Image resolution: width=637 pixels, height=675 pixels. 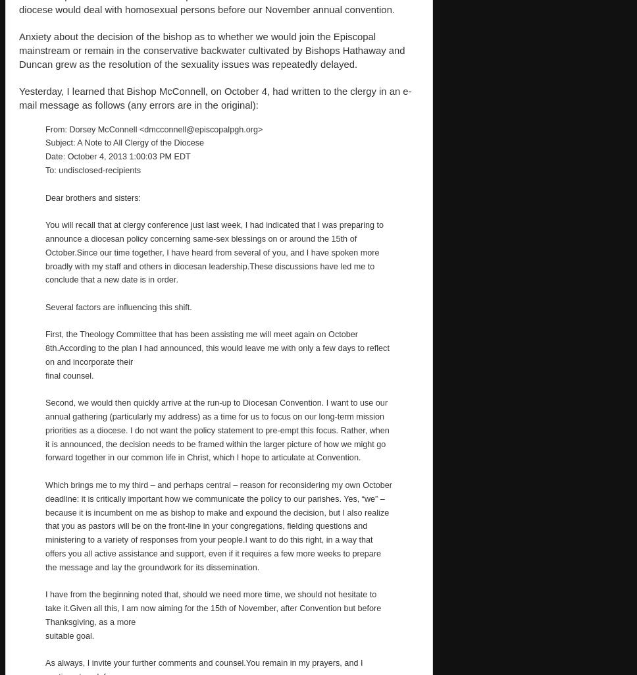 What do you see at coordinates (117, 156) in the screenshot?
I see `'Date: October 4, 2013 1:00:03 PM EDT'` at bounding box center [117, 156].